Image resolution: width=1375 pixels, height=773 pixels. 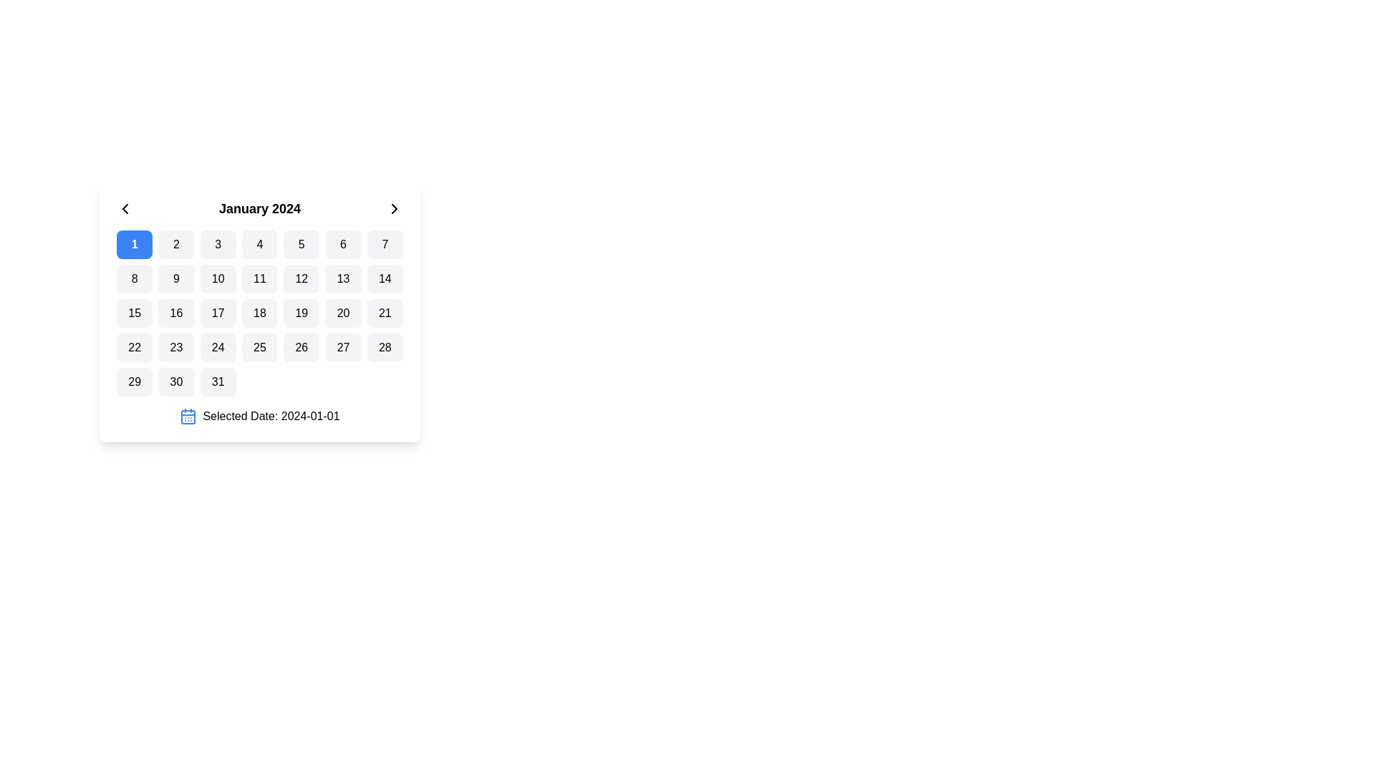 What do you see at coordinates (260, 348) in the screenshot?
I see `the calendar date button displaying the number '25' in a bold font within the date-picker interface` at bounding box center [260, 348].